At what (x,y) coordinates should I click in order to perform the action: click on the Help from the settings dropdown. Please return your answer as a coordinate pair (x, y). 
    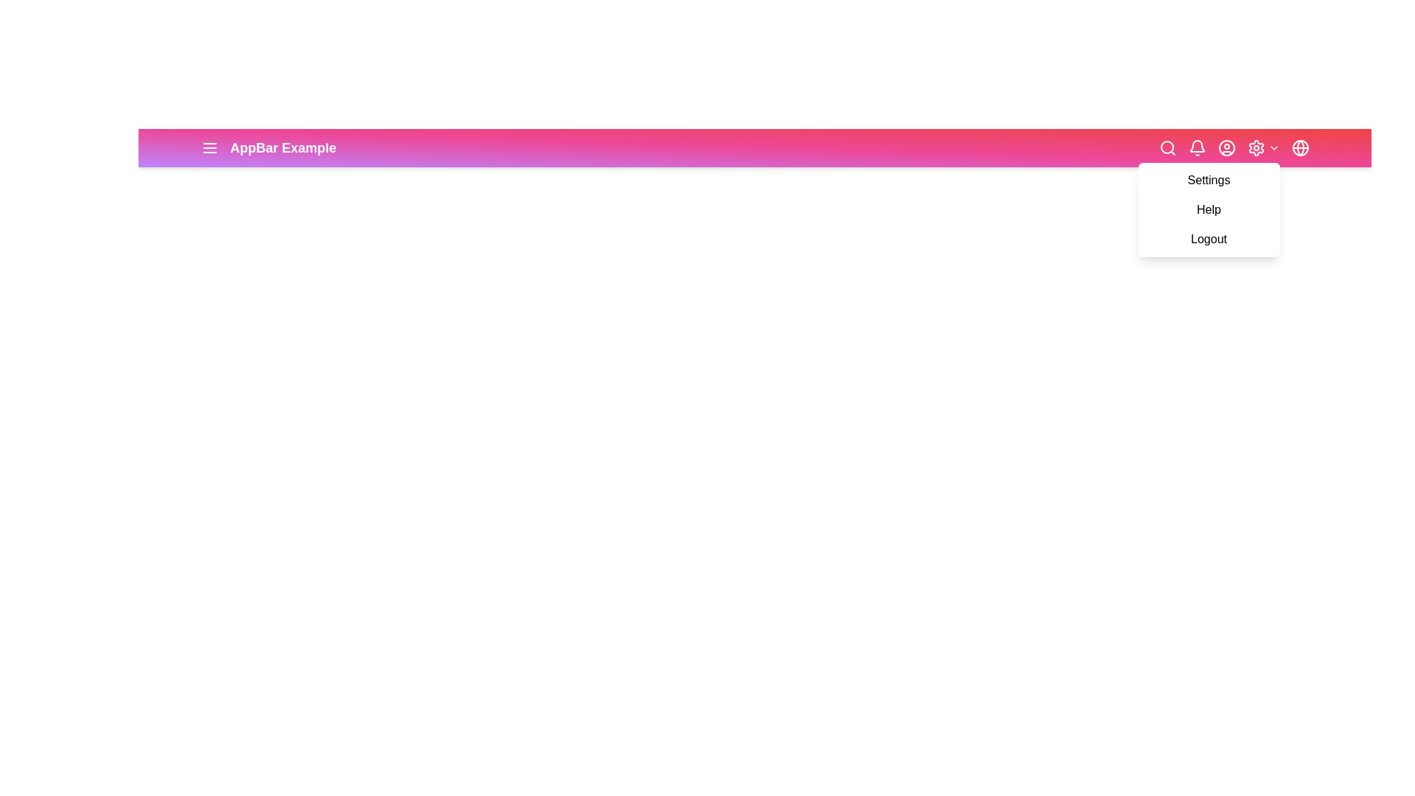
    Looking at the image, I should click on (1209, 210).